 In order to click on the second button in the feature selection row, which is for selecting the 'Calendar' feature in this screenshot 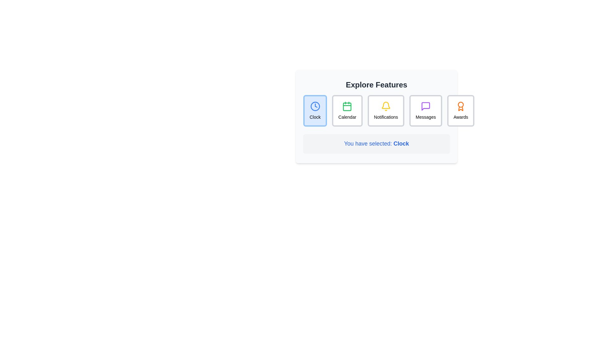, I will do `click(347, 111)`.